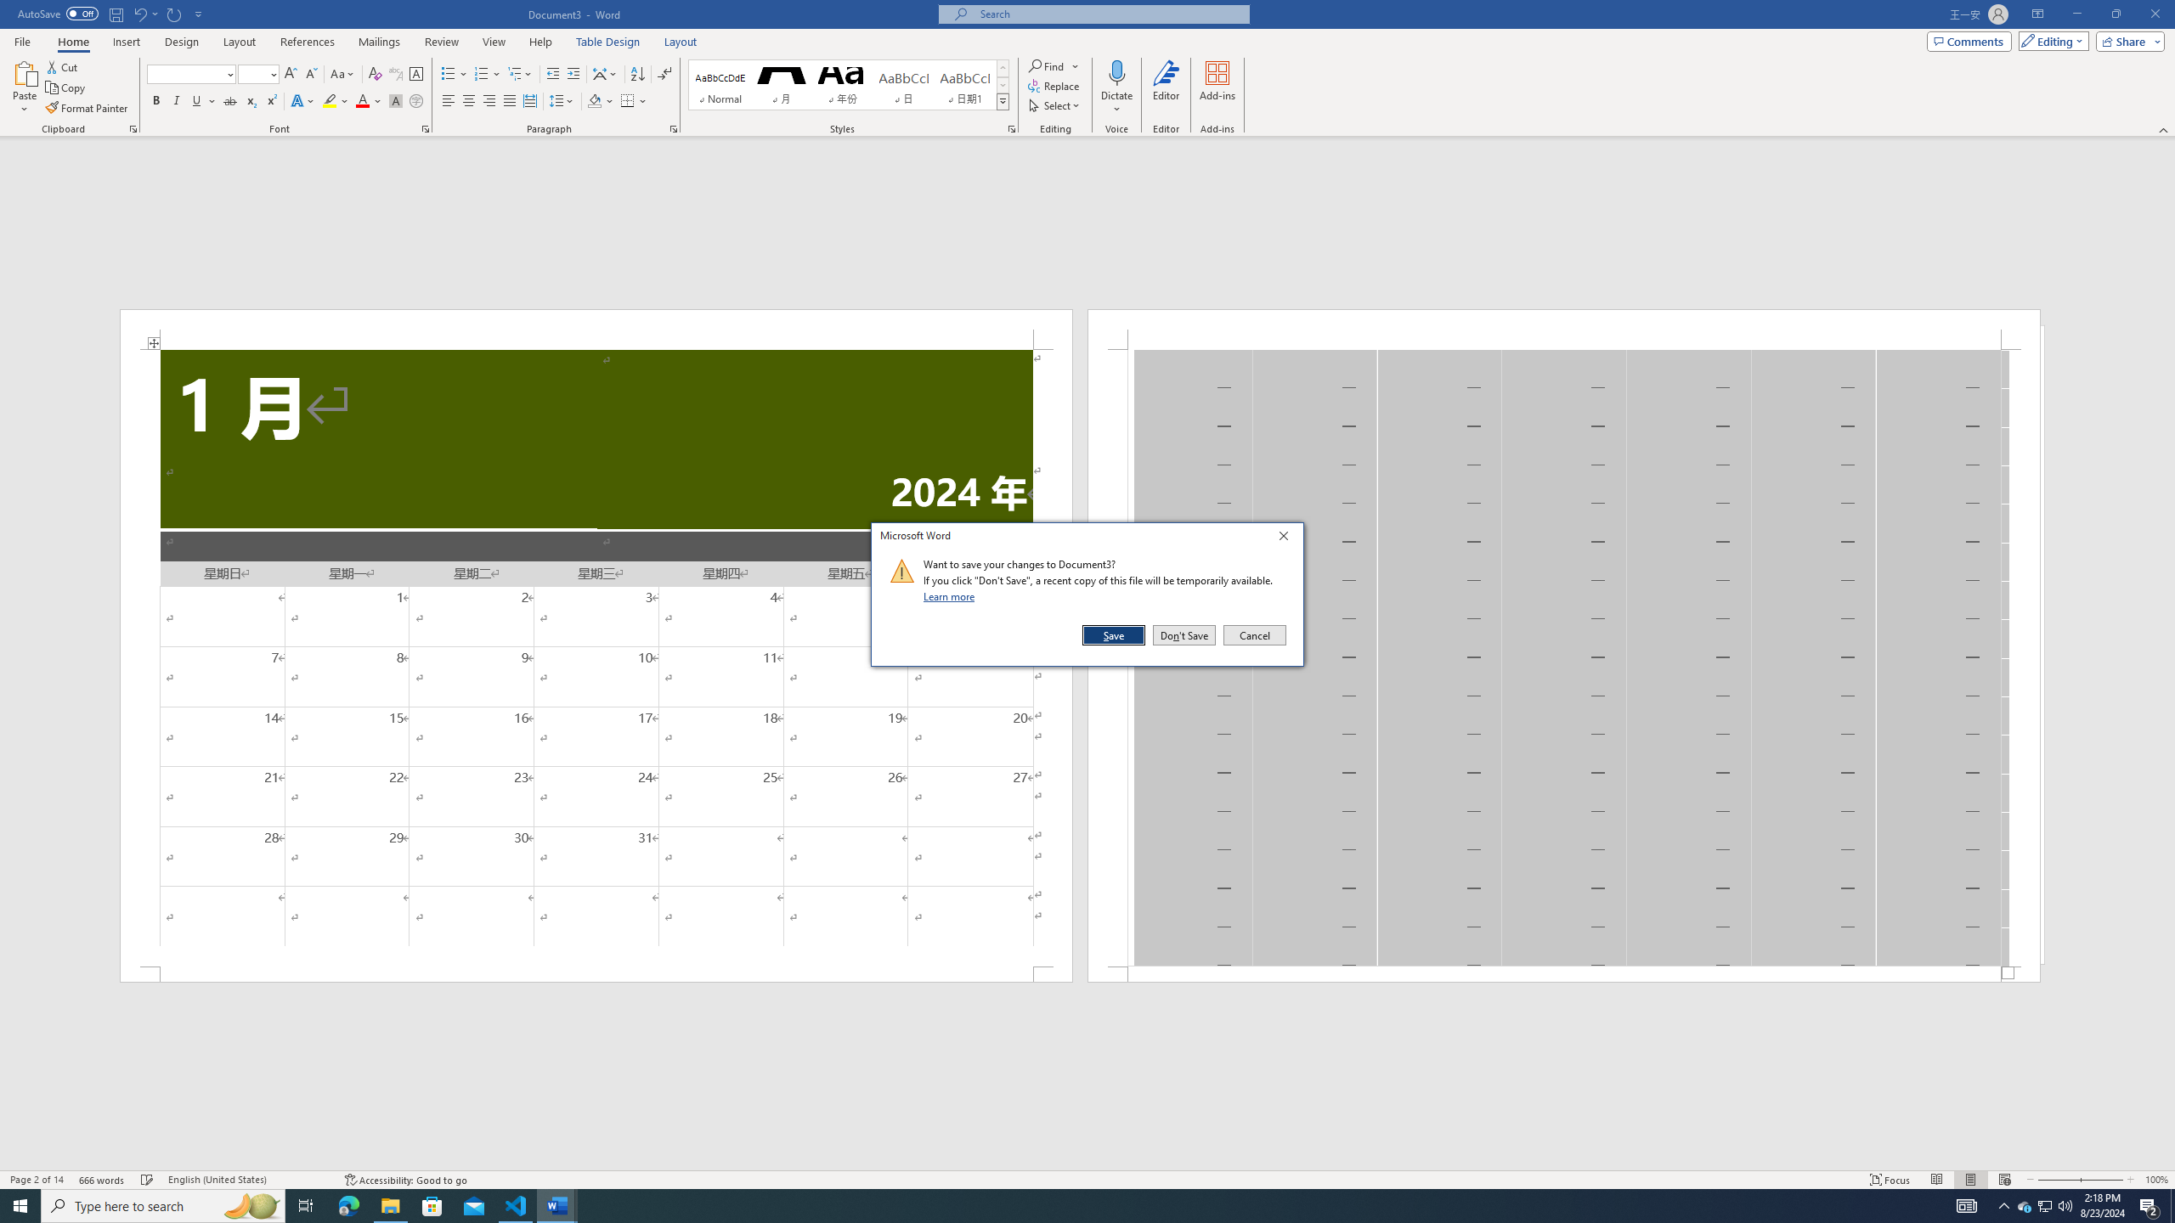 The width and height of the screenshot is (2175, 1223). What do you see at coordinates (183, 42) in the screenshot?
I see `'Design'` at bounding box center [183, 42].